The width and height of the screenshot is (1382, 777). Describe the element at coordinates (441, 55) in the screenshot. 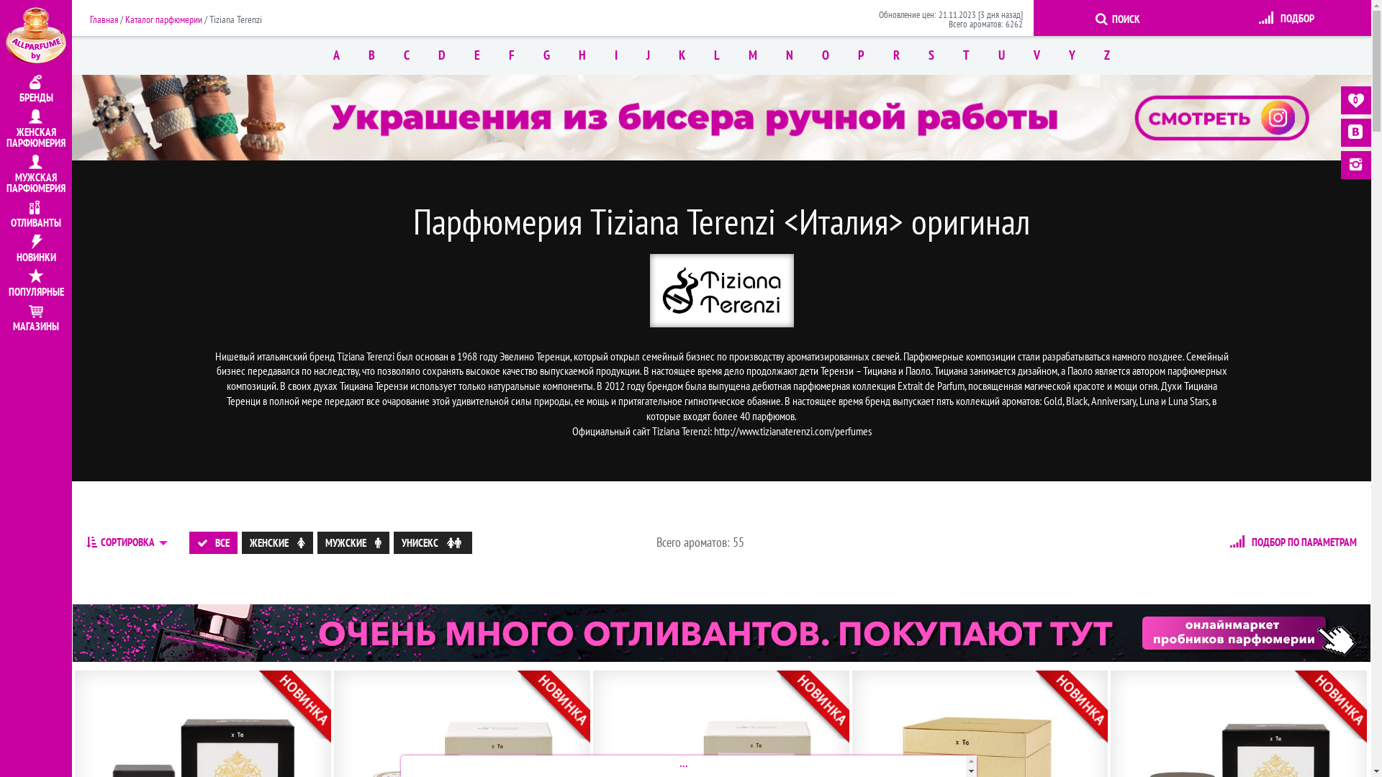

I see `'D'` at that location.